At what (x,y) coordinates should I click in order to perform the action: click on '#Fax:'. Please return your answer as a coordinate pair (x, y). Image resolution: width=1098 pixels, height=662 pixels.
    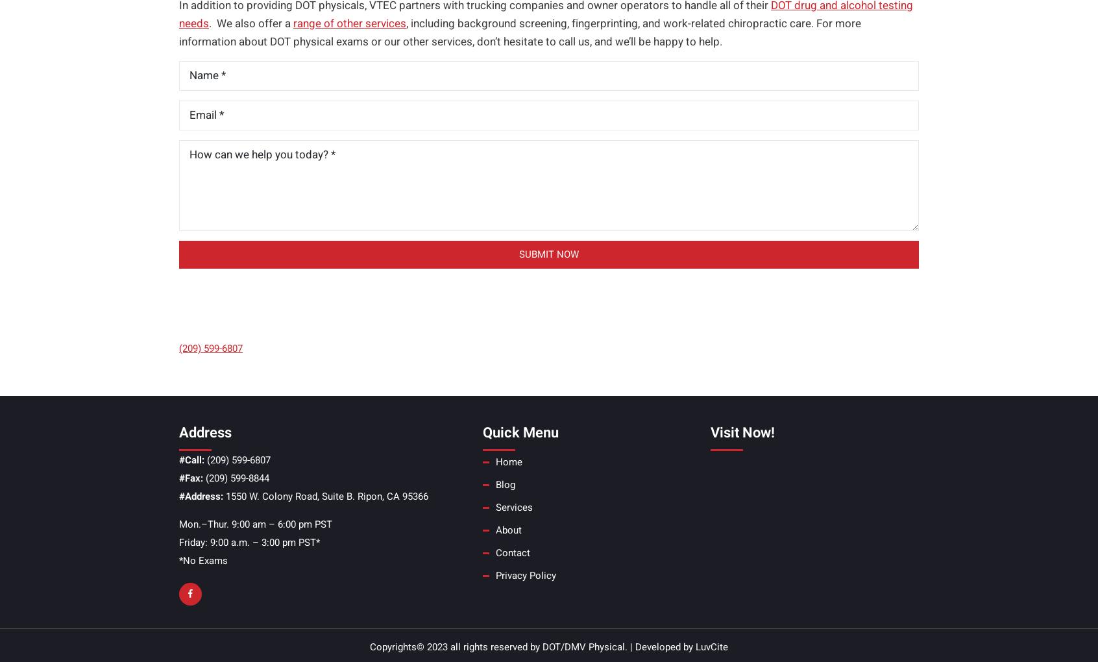
    Looking at the image, I should click on (190, 478).